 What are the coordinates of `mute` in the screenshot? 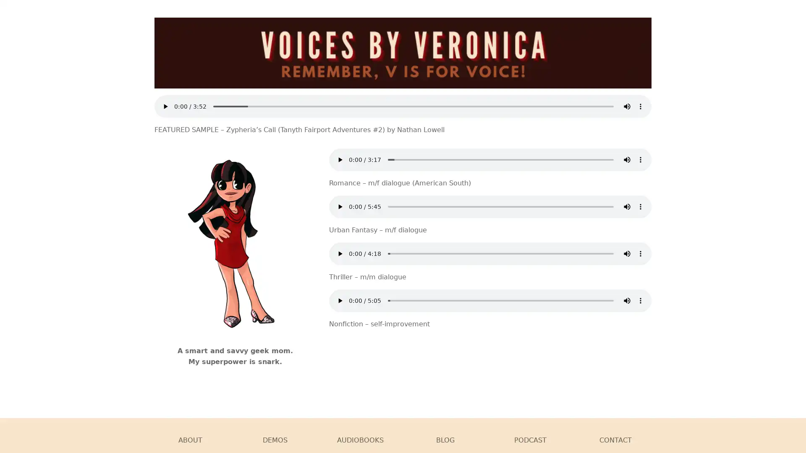 It's located at (627, 106).